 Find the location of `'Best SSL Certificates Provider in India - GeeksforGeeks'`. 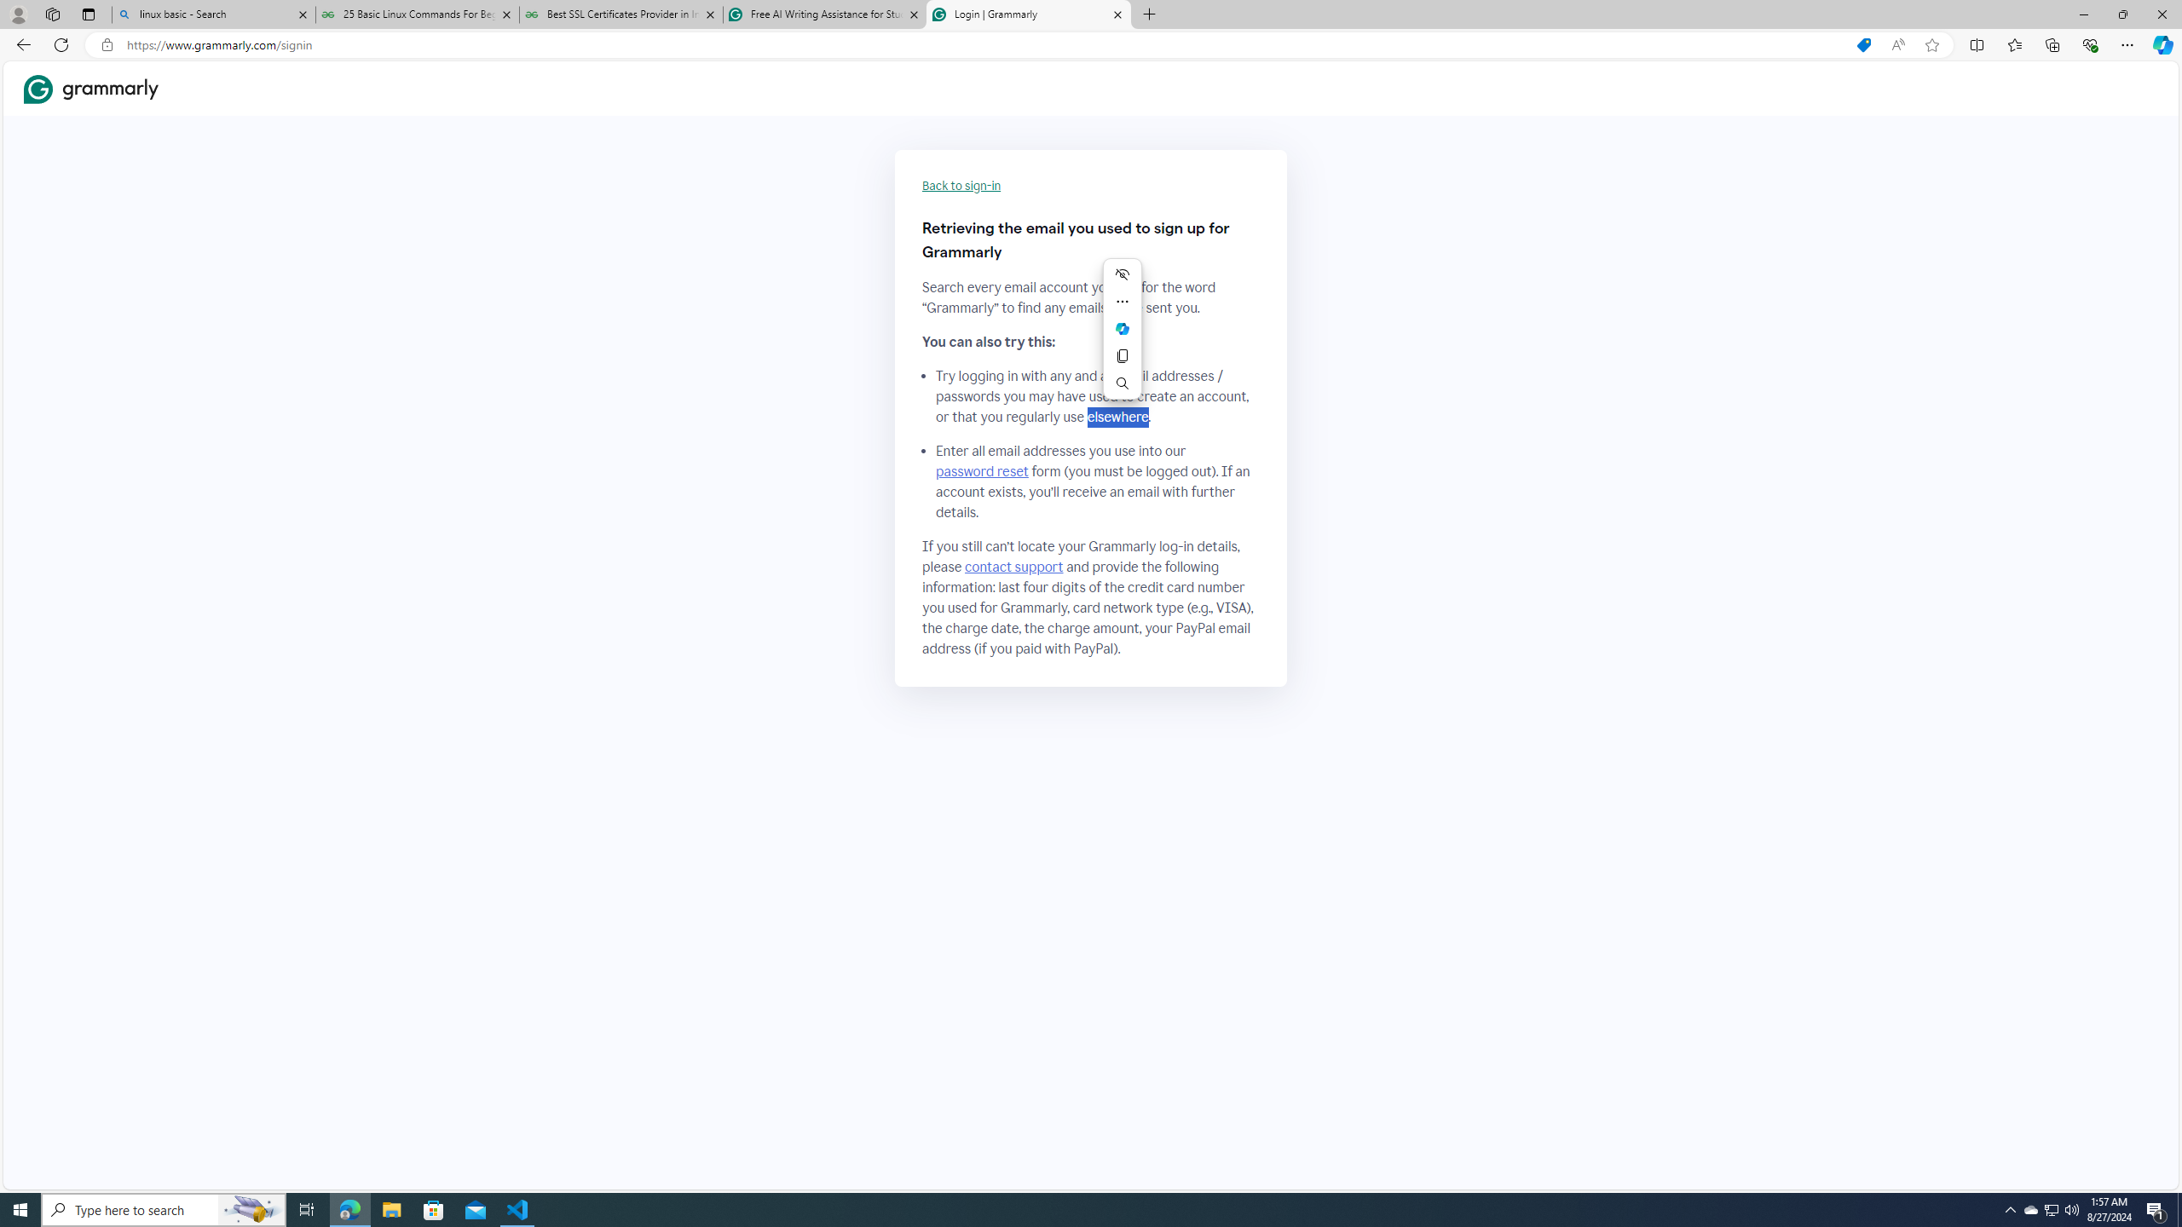

'Best SSL Certificates Provider in India - GeeksforGeeks' is located at coordinates (621, 14).